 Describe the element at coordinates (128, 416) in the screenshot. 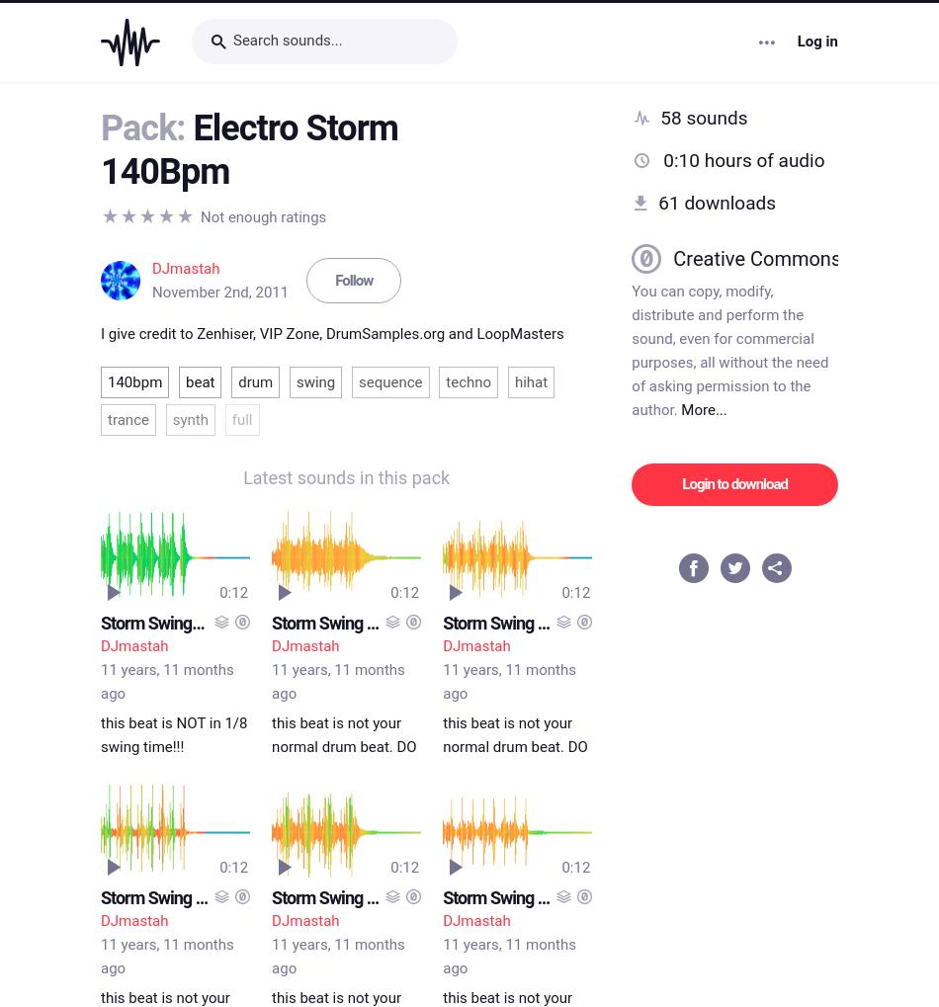

I see `'trance'` at that location.